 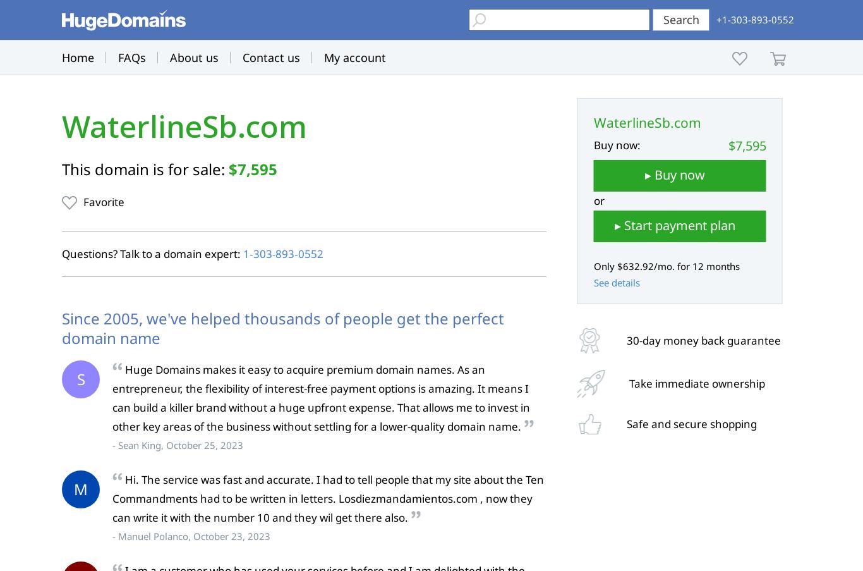 I want to click on 'Since 2005, we've helped thousands of people get the perfect domain name', so click(x=61, y=327).